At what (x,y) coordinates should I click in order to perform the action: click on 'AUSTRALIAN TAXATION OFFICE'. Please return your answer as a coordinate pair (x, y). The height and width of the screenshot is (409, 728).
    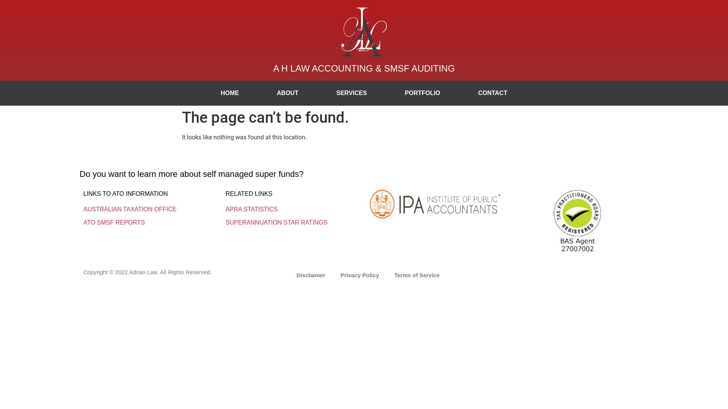
    Looking at the image, I should click on (130, 209).